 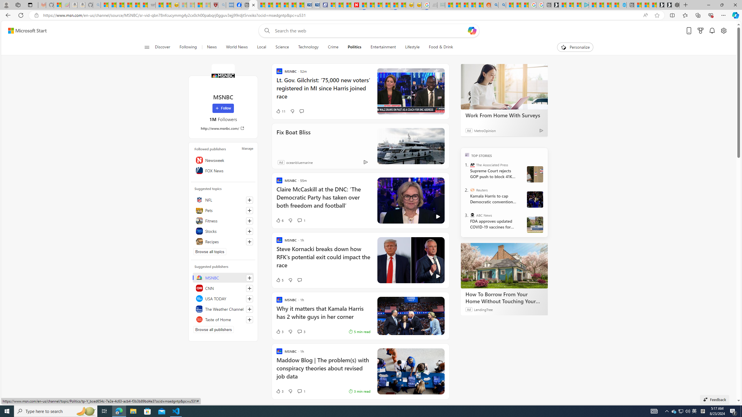 I want to click on 'Dislike', so click(x=290, y=391).